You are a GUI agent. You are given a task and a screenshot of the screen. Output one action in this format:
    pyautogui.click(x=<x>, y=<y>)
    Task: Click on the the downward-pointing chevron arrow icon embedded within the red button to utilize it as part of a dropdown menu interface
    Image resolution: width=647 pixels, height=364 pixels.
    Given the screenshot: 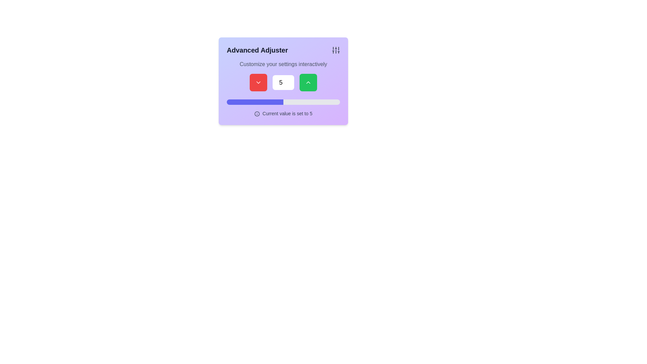 What is the action you would take?
    pyautogui.click(x=258, y=82)
    